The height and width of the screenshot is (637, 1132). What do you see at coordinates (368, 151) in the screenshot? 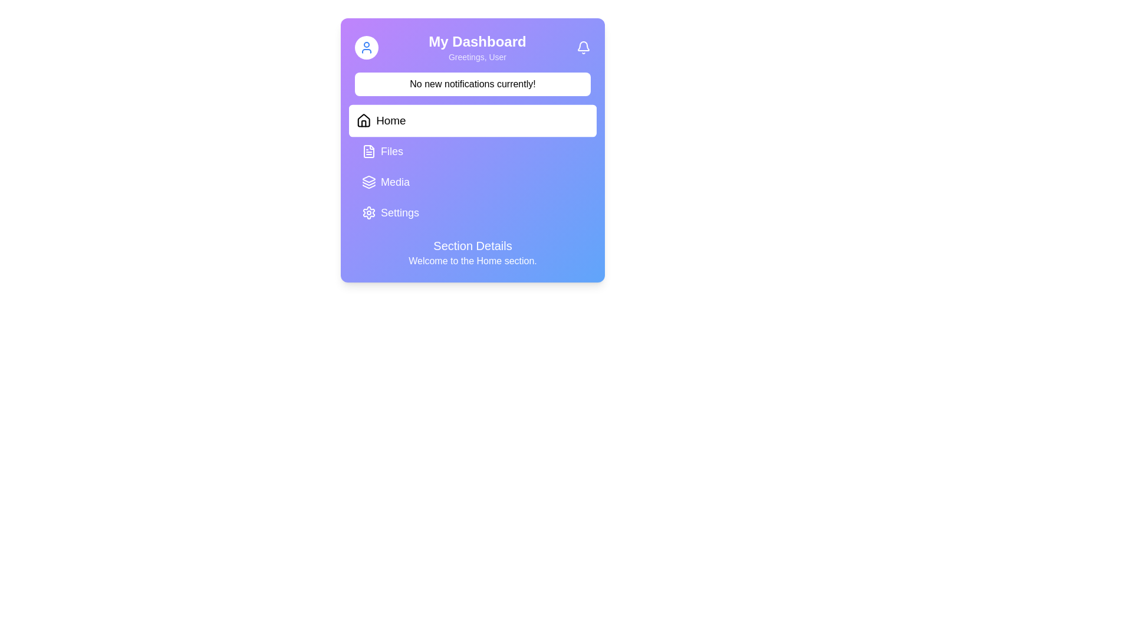
I see `the 'Files' icon in the navigation menu` at bounding box center [368, 151].